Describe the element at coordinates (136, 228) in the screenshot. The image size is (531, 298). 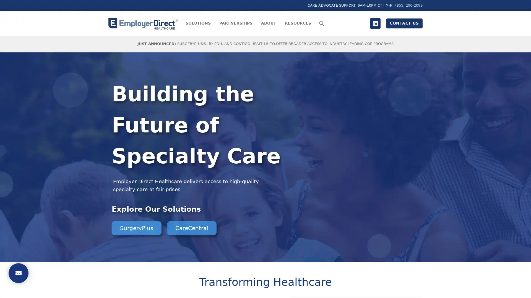
I see `SurgeryPlus` at that location.